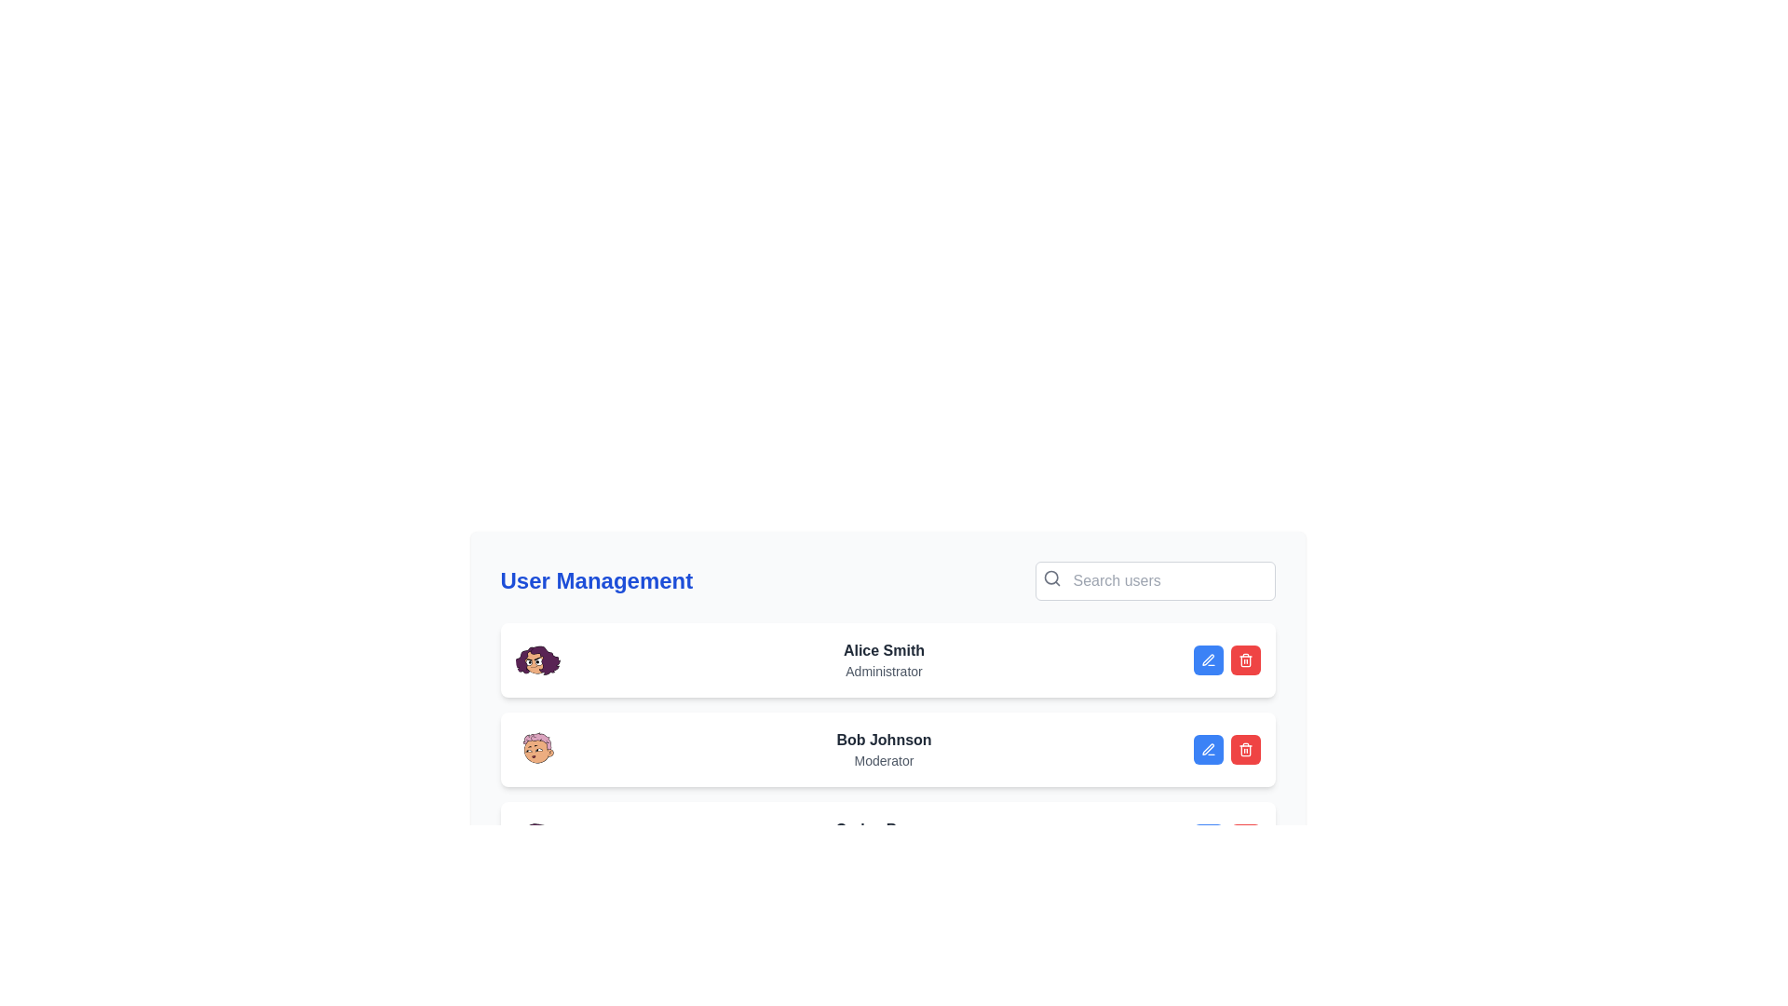 This screenshot has width=1788, height=1006. What do you see at coordinates (883, 649) in the screenshot?
I see `the static text label displaying the username 'Alice Smith', which is positioned above 'Administrator' in the 'User Management' section` at bounding box center [883, 649].